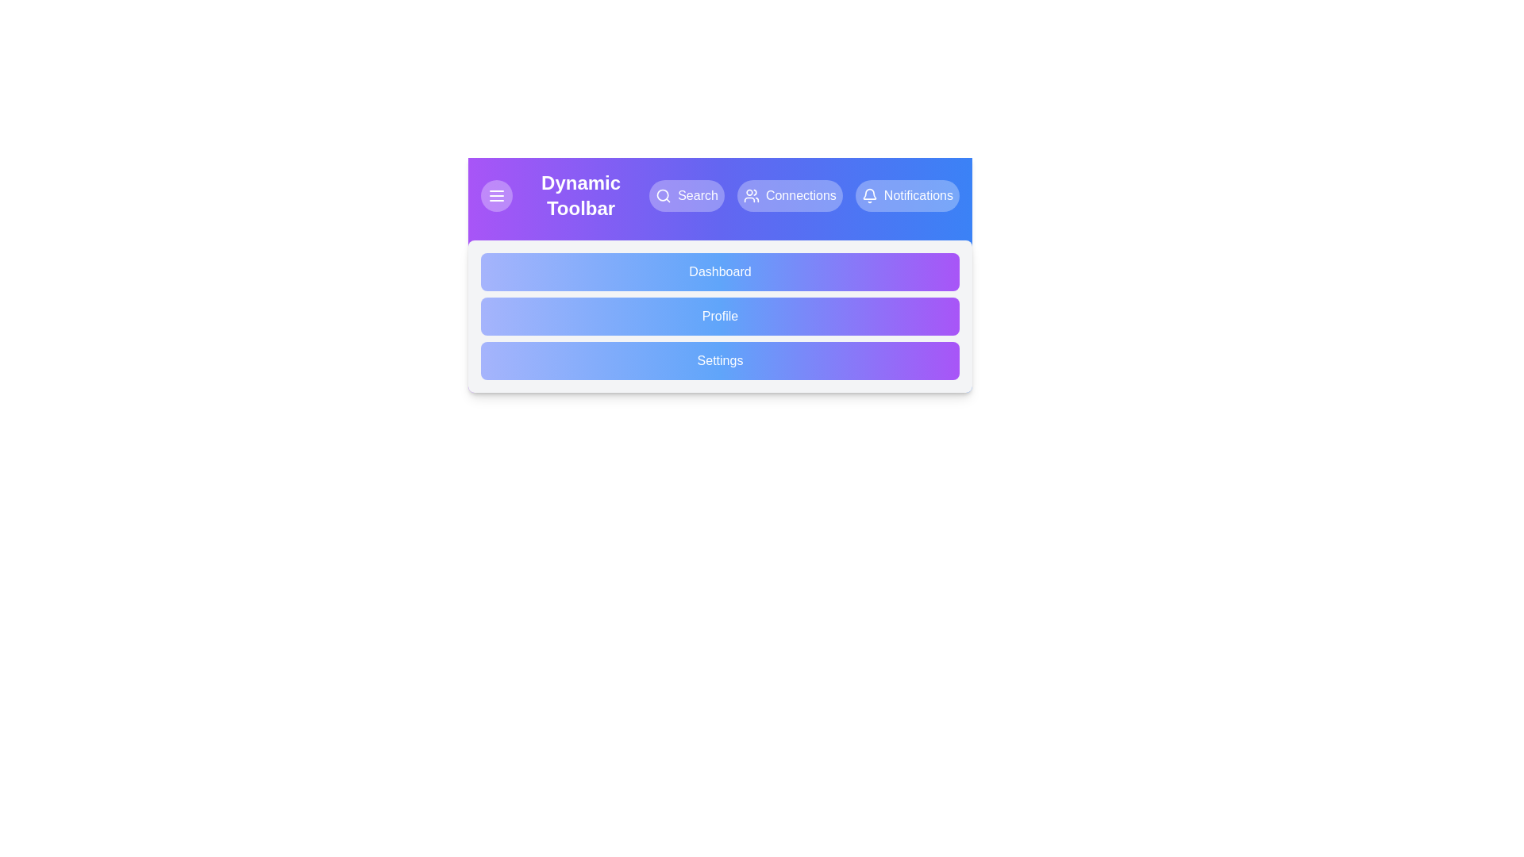 The width and height of the screenshot is (1524, 857). What do you see at coordinates (687, 194) in the screenshot?
I see `the 'Search' button to initiate the search action` at bounding box center [687, 194].